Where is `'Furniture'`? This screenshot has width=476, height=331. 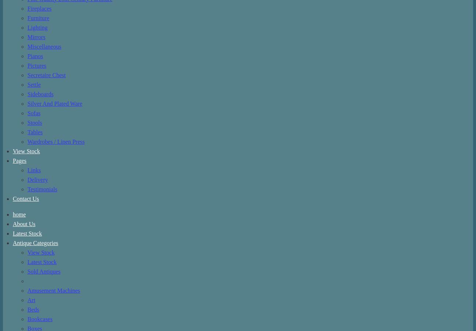
'Furniture' is located at coordinates (38, 17).